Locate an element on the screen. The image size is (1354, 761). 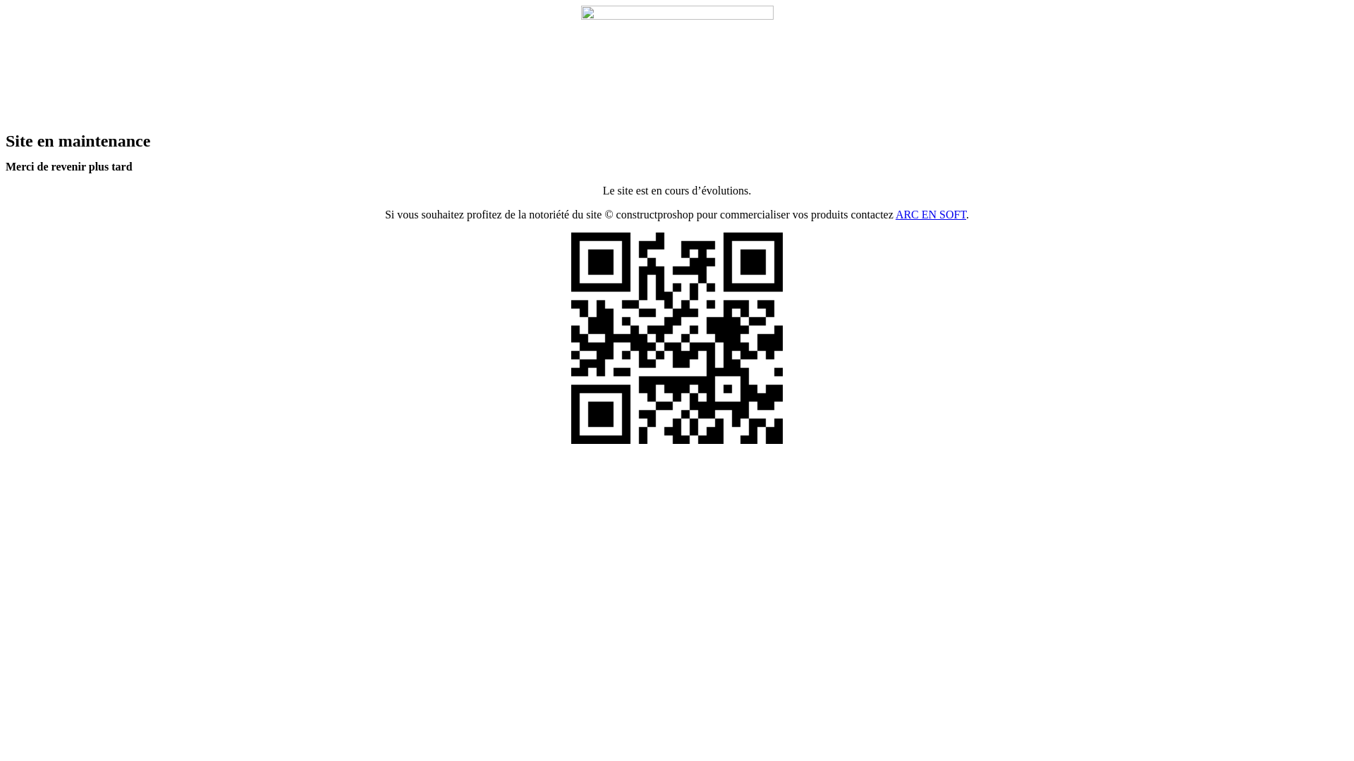
'ARC EN SOFT' is located at coordinates (931, 214).